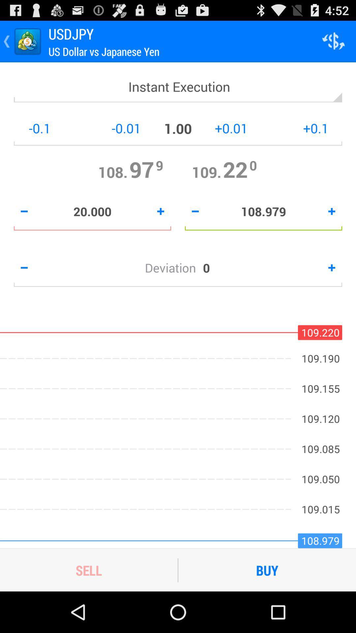 Image resolution: width=356 pixels, height=633 pixels. Describe the element at coordinates (333, 41) in the screenshot. I see `the icon which is below 452` at that location.